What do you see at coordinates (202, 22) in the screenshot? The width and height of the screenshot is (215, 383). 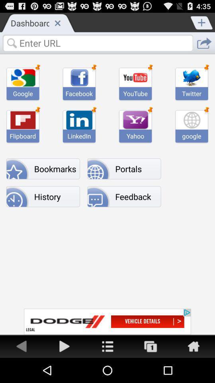 I see `tab option` at bounding box center [202, 22].